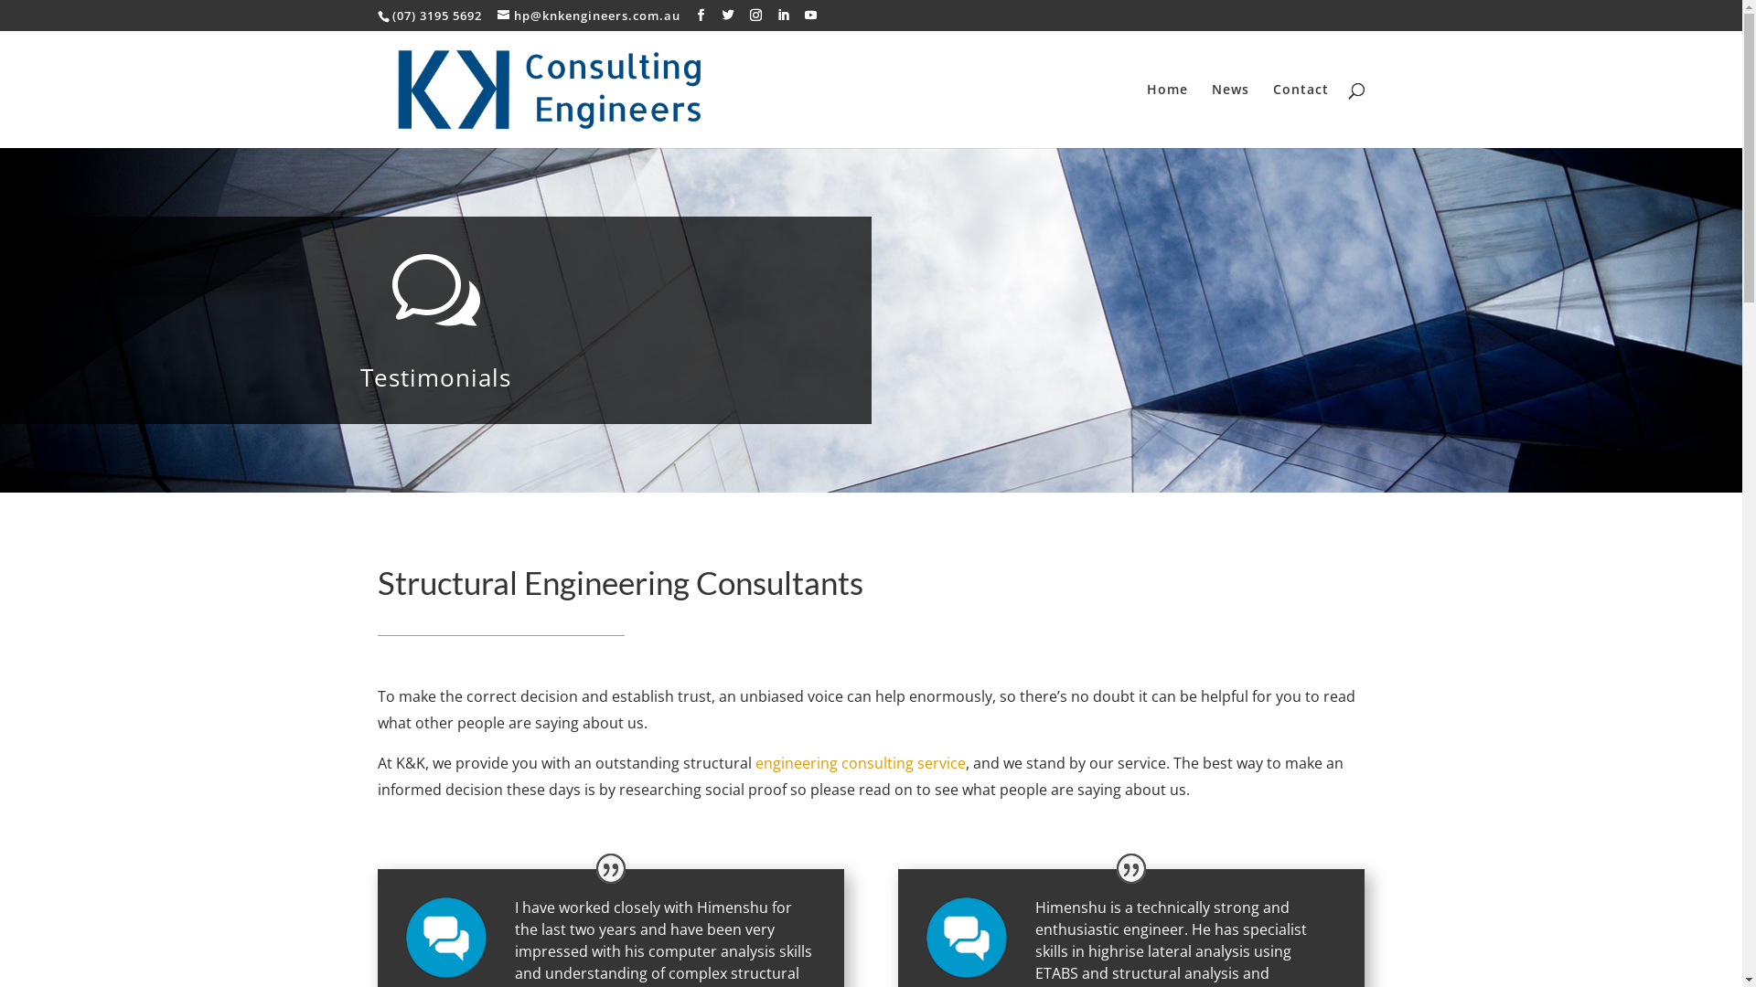  I want to click on 'News', so click(1229, 115).